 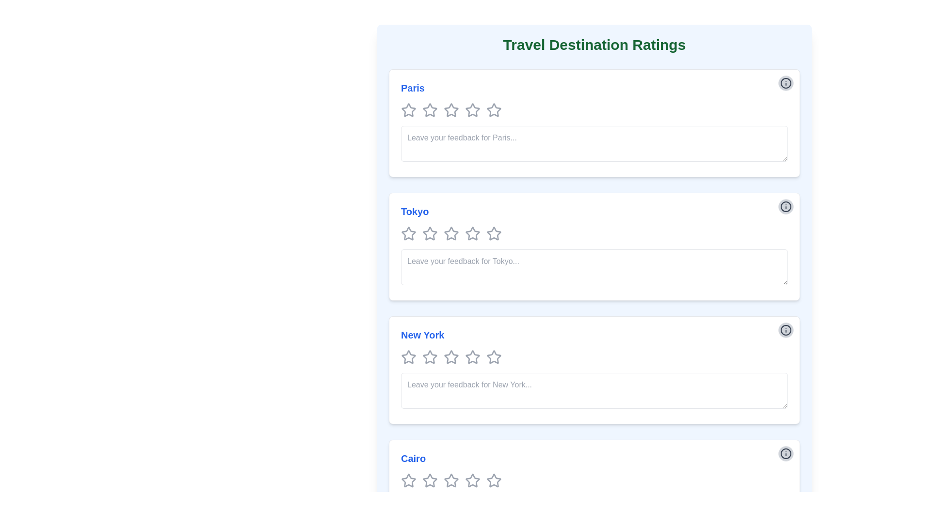 I want to click on the circular informational button located in the top-right corner of the 'Paris' card to trigger a tooltip or color change, so click(x=786, y=83).